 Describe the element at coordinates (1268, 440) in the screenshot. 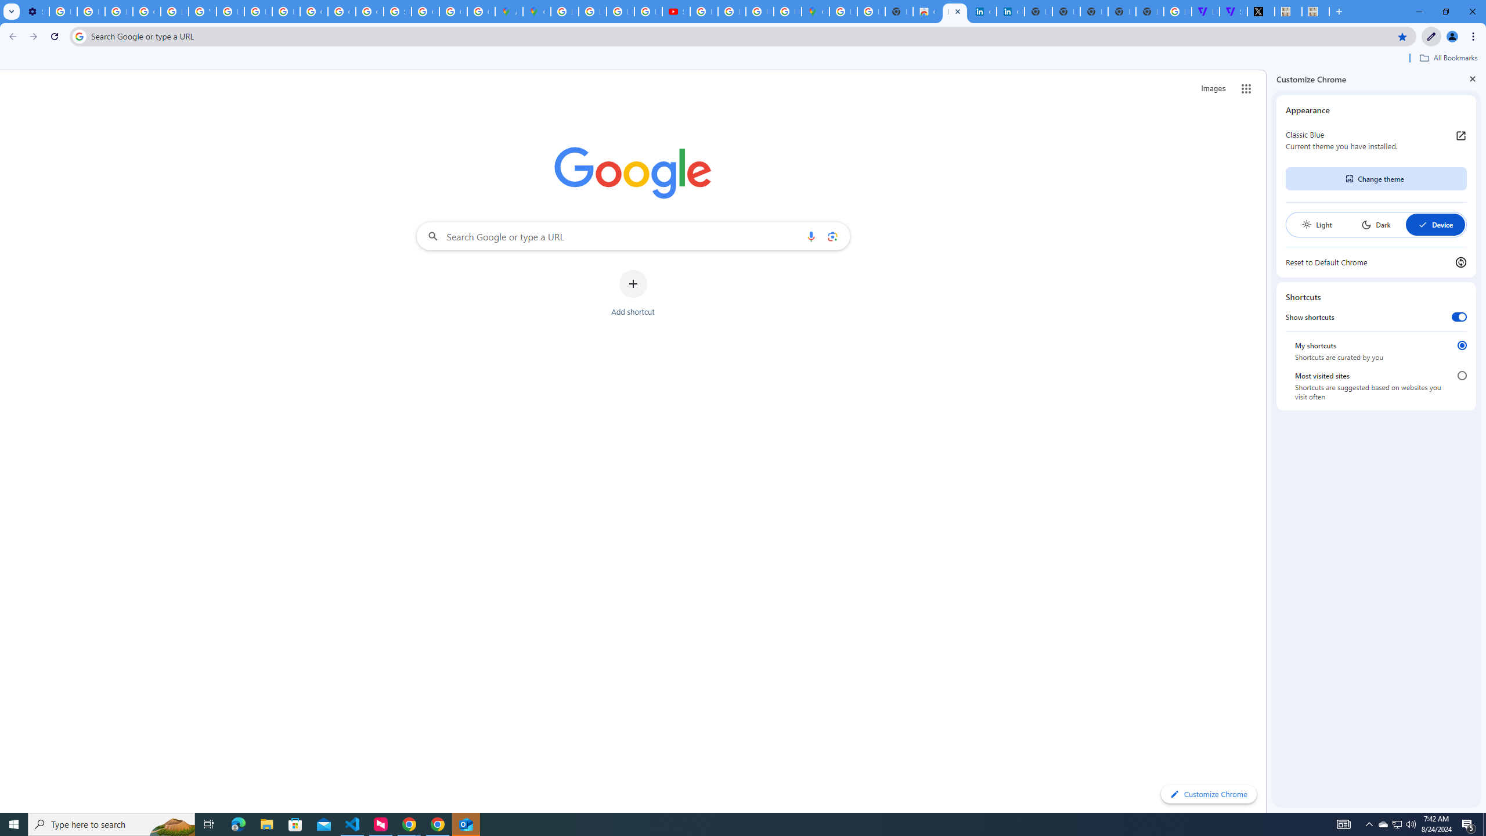

I see `'Side Panel Resize Handle'` at that location.